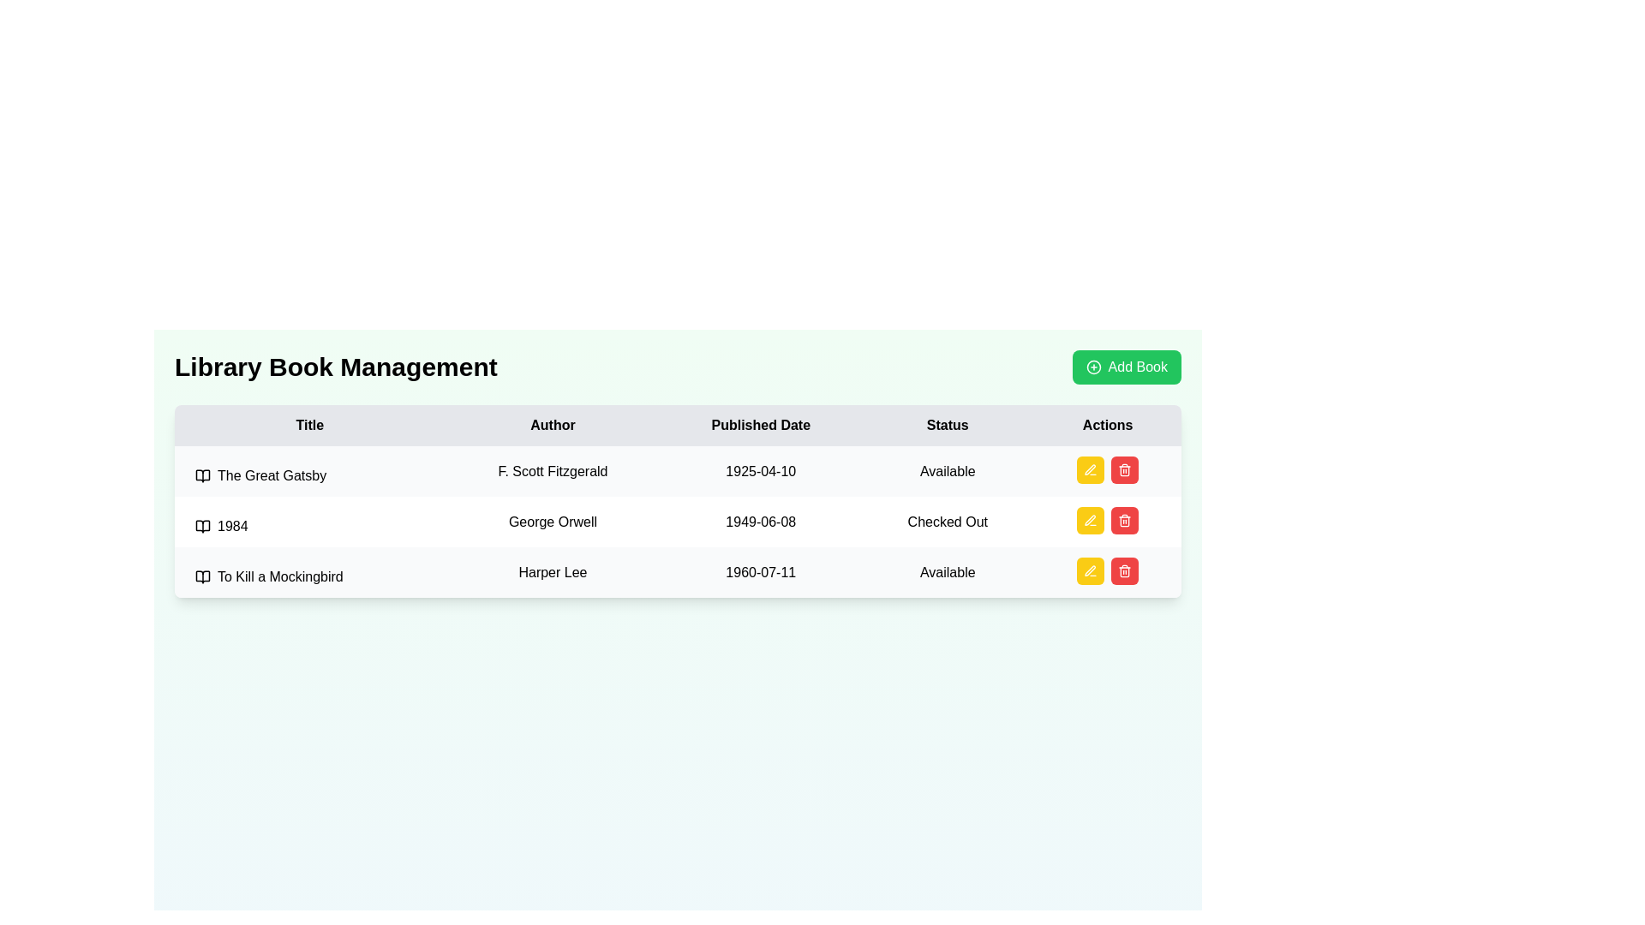 The height and width of the screenshot is (925, 1645). Describe the element at coordinates (760, 471) in the screenshot. I see `the text element displaying '1925-04-10' in the 'Published Date' column of the table for 'The Great Gatsby'` at that location.